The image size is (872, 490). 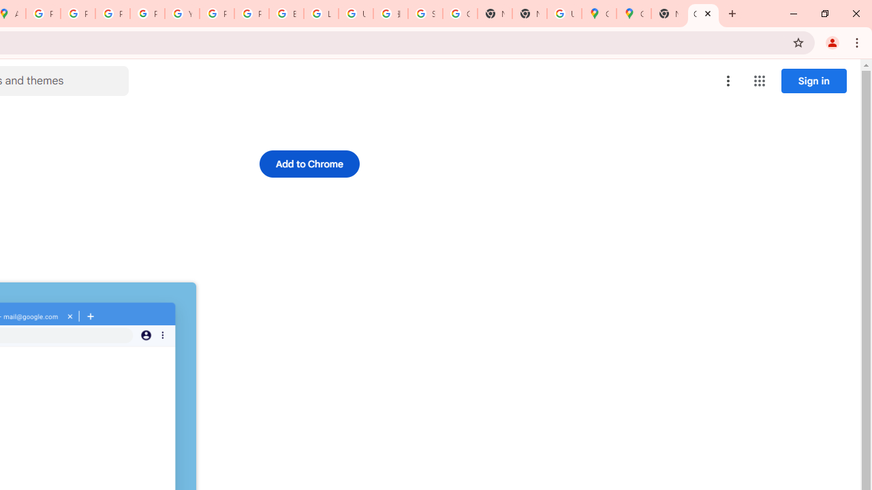 I want to click on 'Google Maps', so click(x=633, y=14).